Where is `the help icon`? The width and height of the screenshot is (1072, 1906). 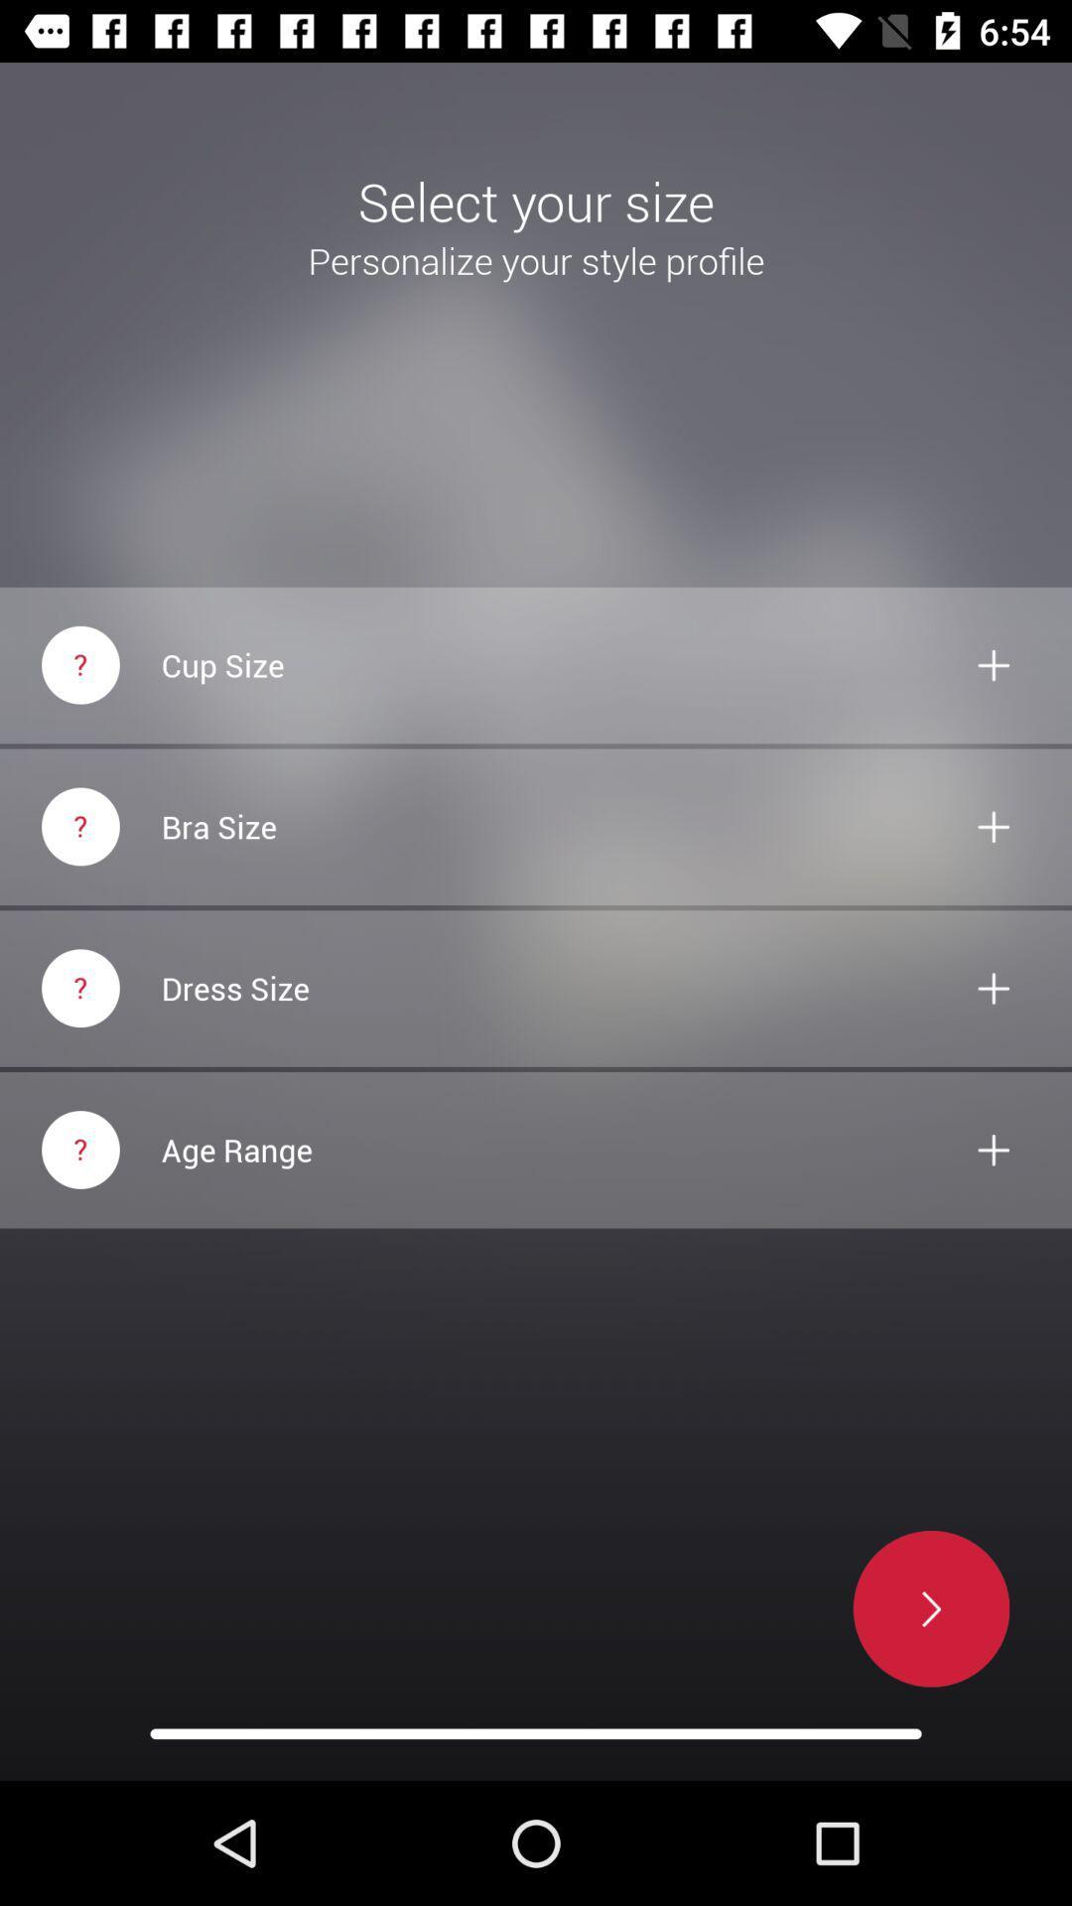
the help icon is located at coordinates (79, 1150).